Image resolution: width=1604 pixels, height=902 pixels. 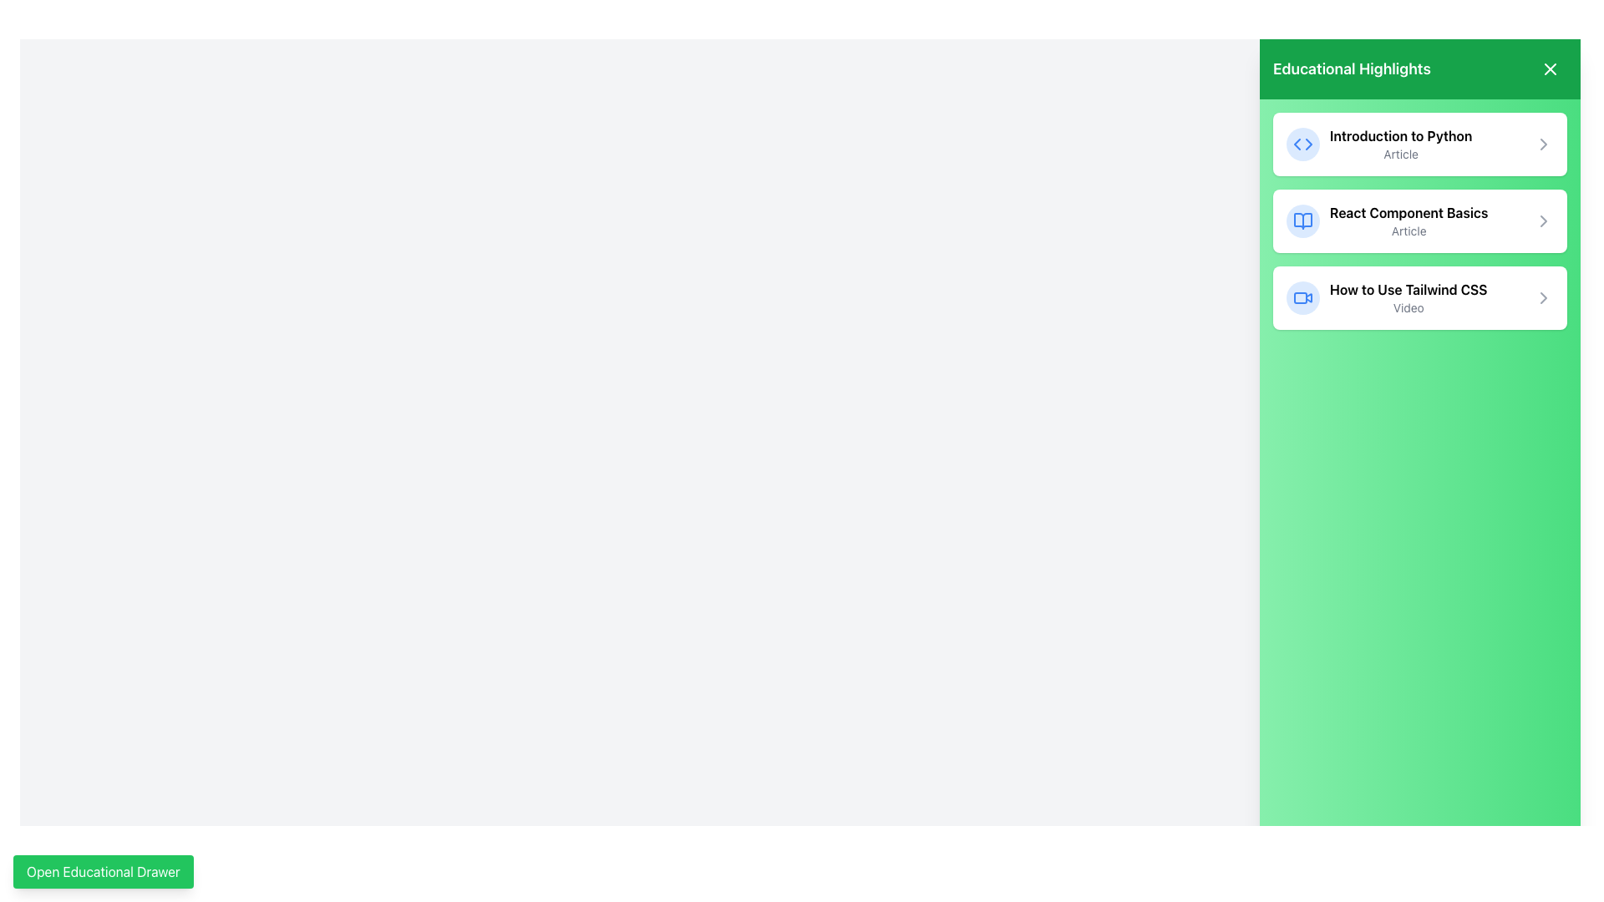 I want to click on the second card in the 'Educational Highlights' section, so click(x=1419, y=220).